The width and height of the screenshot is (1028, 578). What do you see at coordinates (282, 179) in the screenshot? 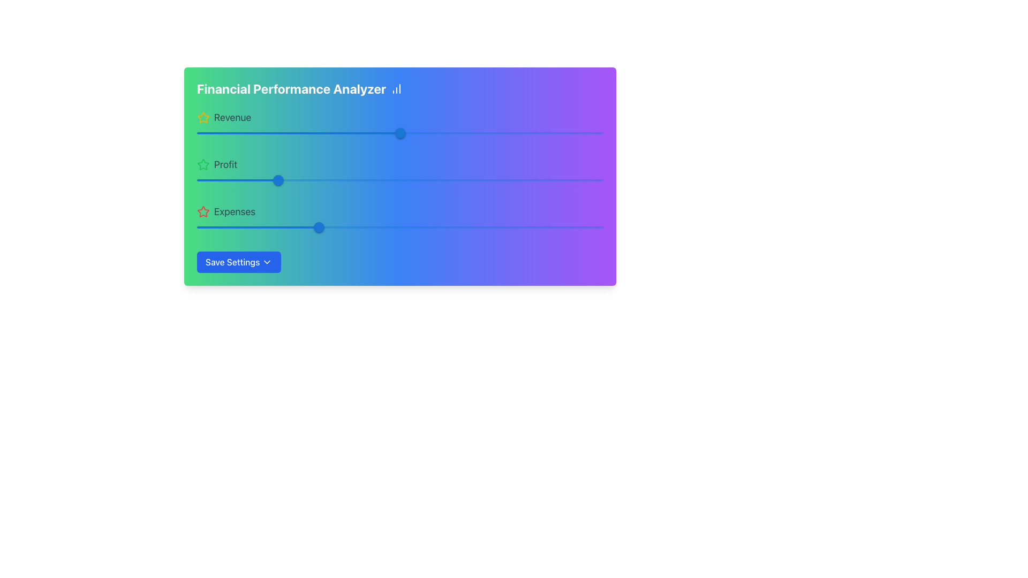
I see `slider value` at bounding box center [282, 179].